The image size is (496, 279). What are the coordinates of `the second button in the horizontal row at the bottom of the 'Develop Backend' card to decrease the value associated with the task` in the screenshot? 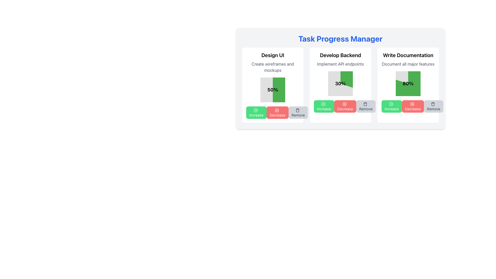 It's located at (340, 106).